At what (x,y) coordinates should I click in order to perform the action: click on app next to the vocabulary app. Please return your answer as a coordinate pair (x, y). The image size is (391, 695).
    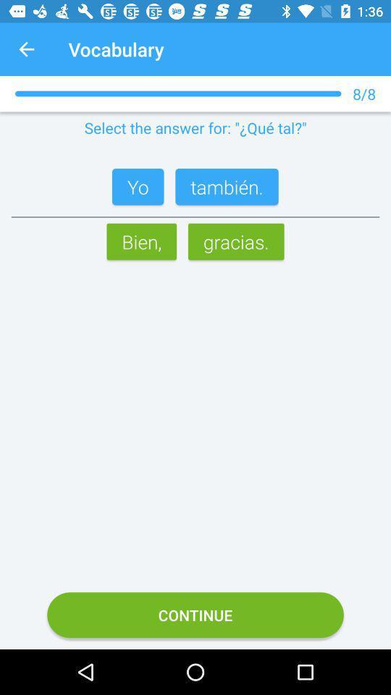
    Looking at the image, I should click on (26, 49).